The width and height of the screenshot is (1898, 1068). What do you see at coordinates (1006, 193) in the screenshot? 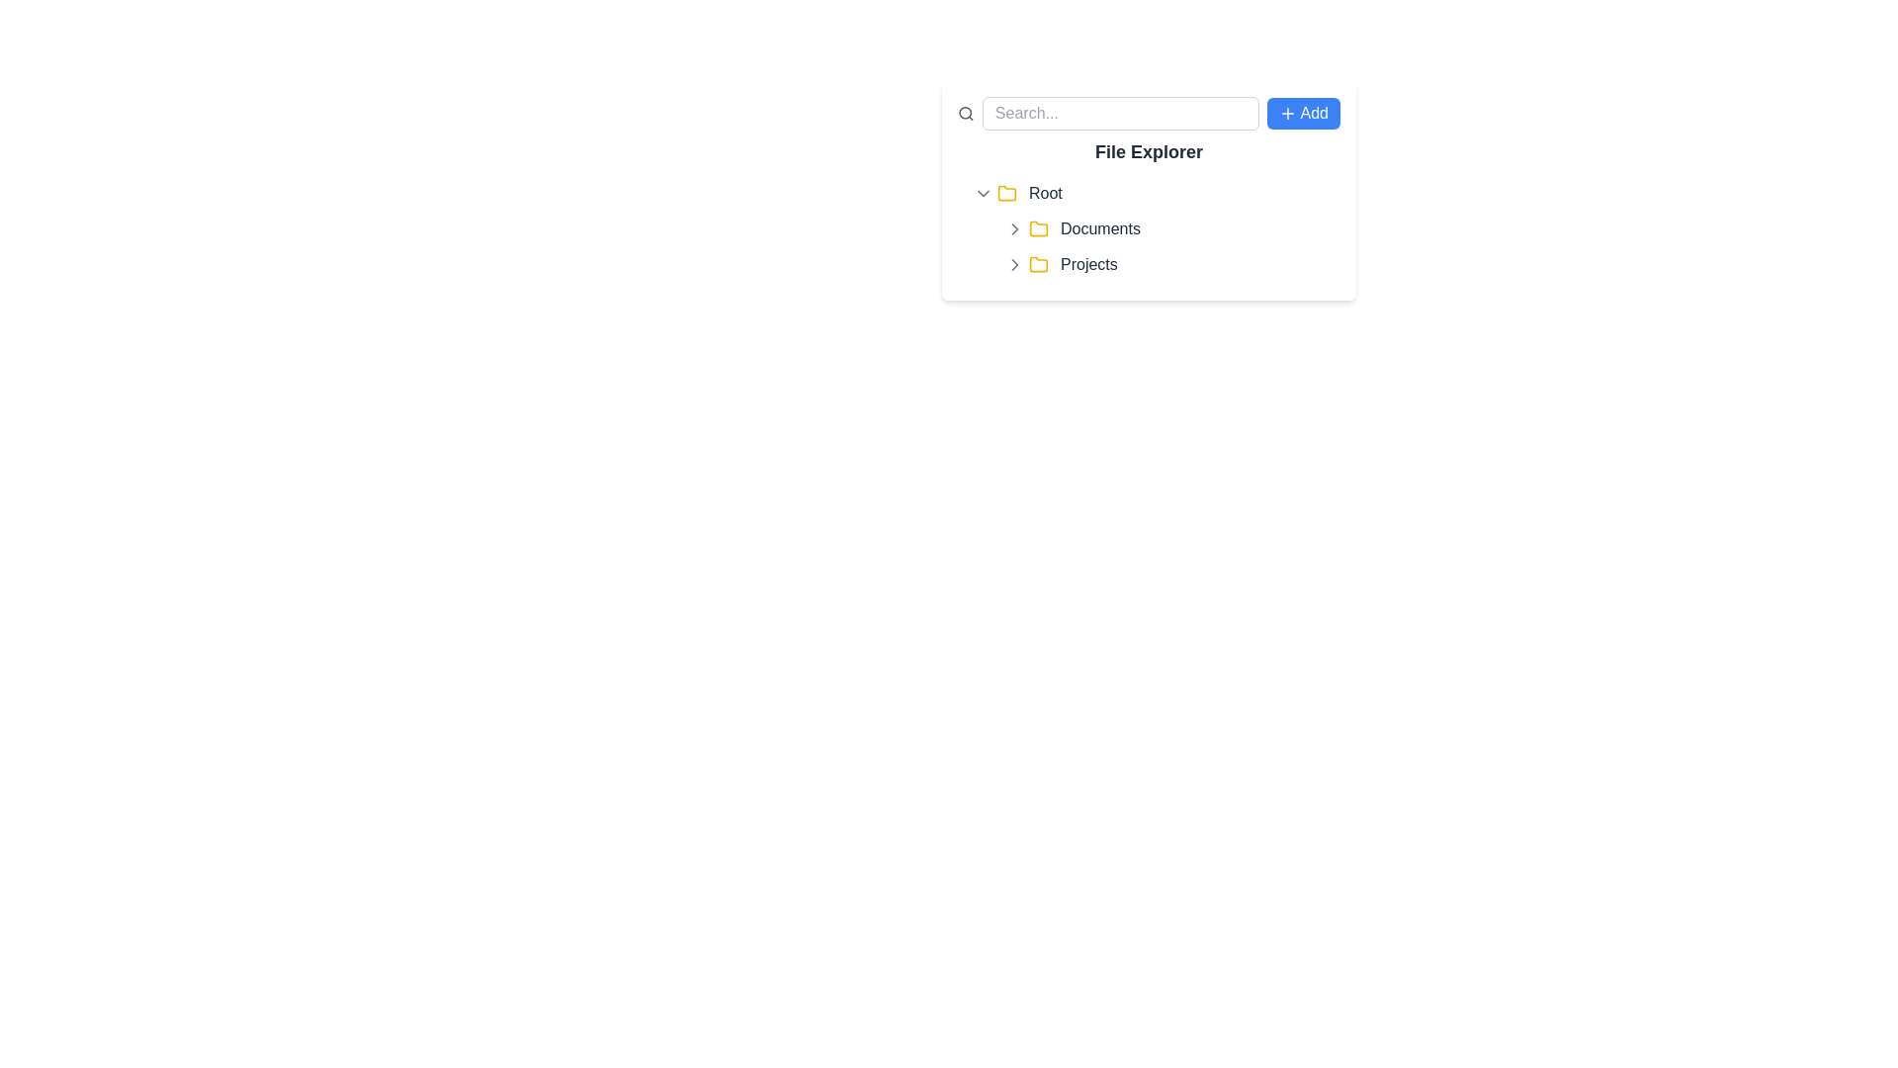
I see `the yellow folder icon located to the left of the 'Root' label in the file explorer's tree view` at bounding box center [1006, 193].